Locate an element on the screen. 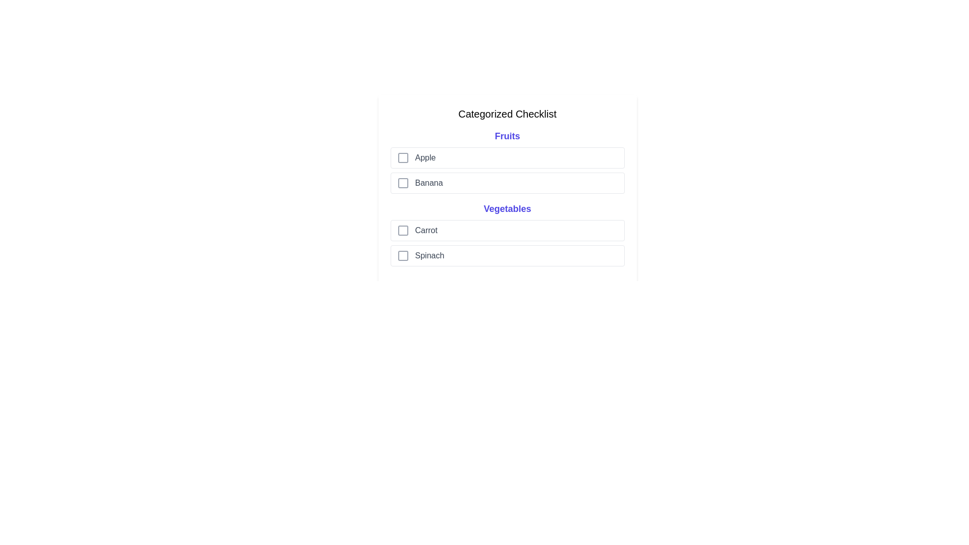 The width and height of the screenshot is (969, 545). the 'Vegetables' header text label, which categorizes the items below it, starting with 'Carrot' is located at coordinates (507, 208).